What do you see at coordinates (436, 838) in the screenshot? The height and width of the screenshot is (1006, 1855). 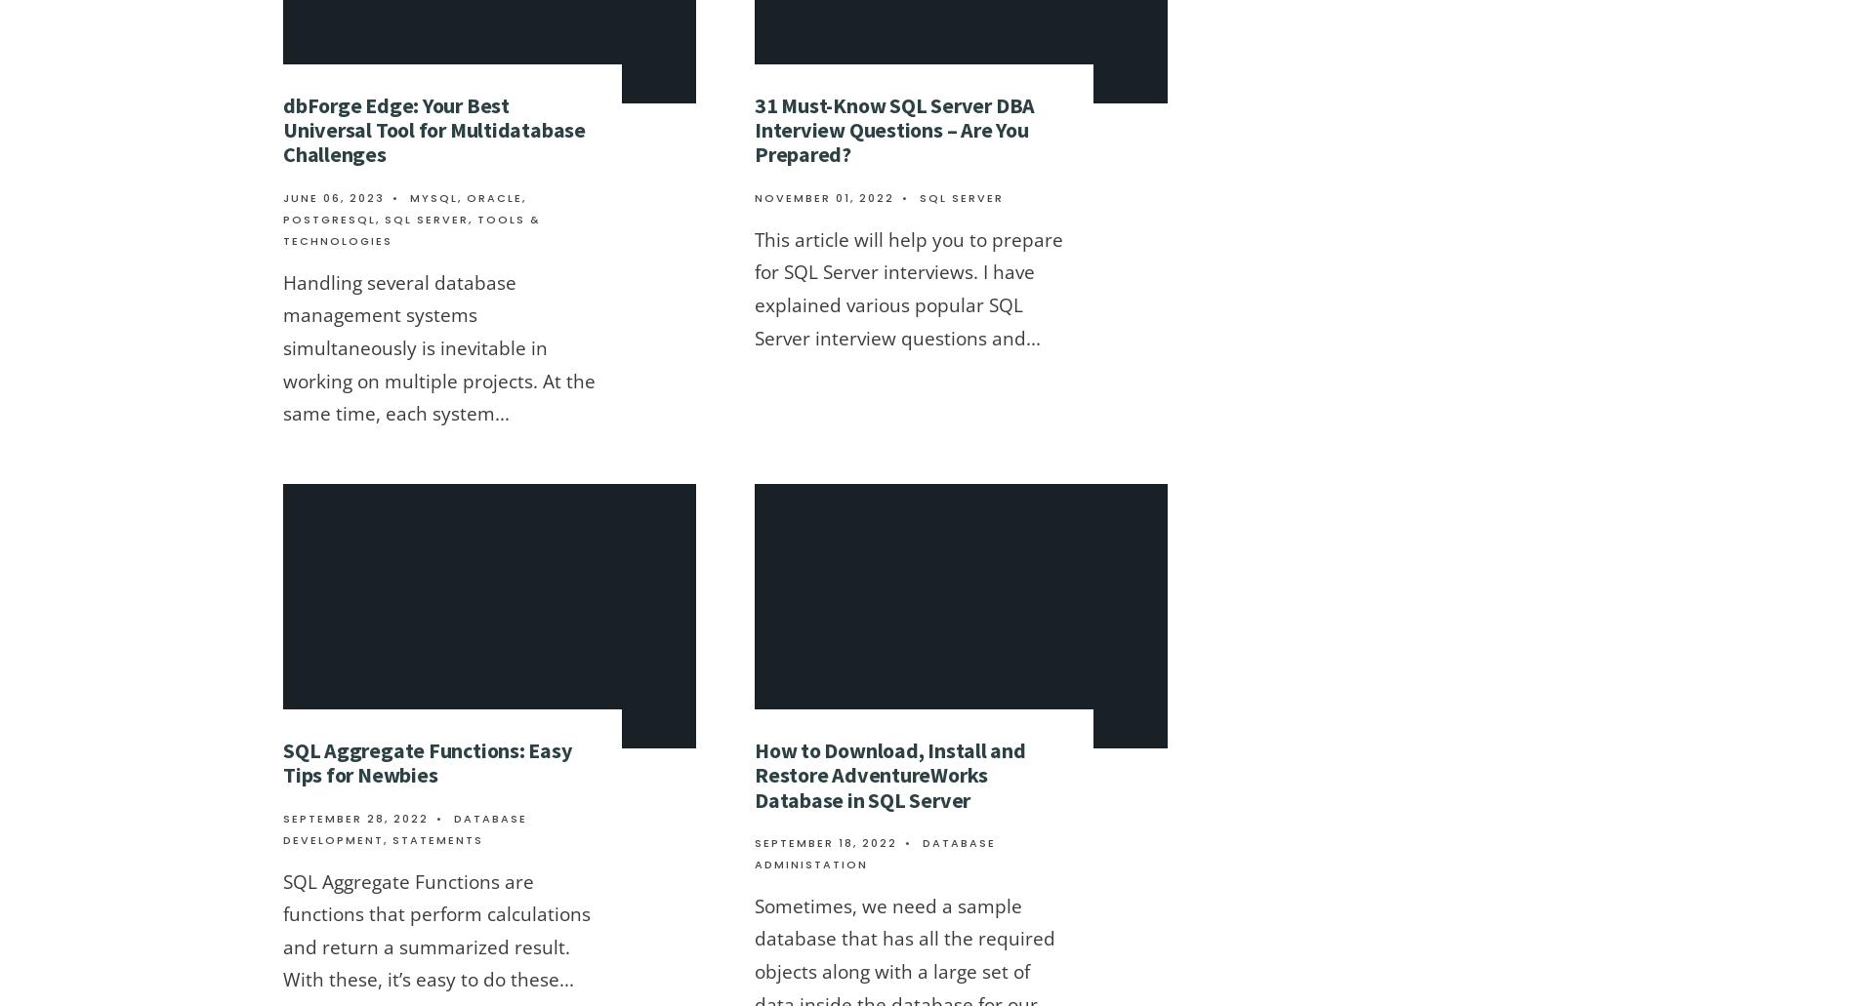 I see `'Statements'` at bounding box center [436, 838].